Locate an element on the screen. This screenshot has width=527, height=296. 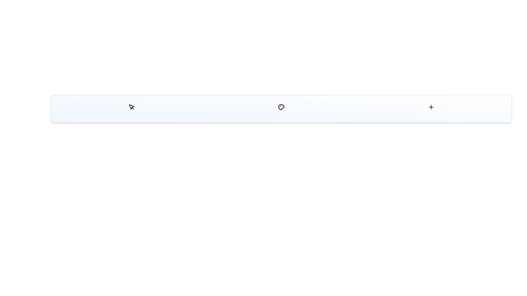
the toggle button with 2 to inspect its tooltip is located at coordinates (431, 107).